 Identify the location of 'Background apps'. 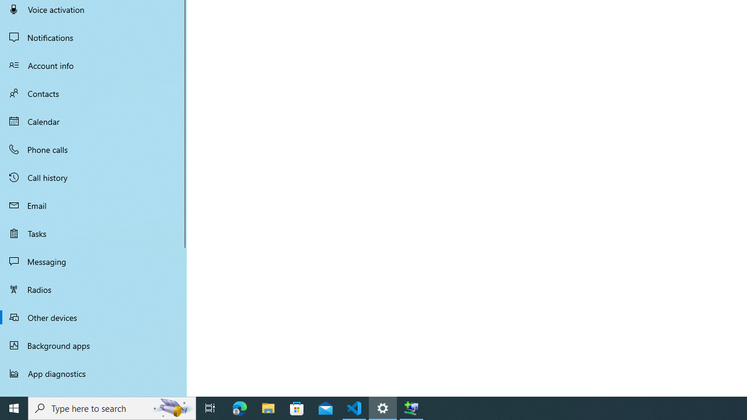
(93, 345).